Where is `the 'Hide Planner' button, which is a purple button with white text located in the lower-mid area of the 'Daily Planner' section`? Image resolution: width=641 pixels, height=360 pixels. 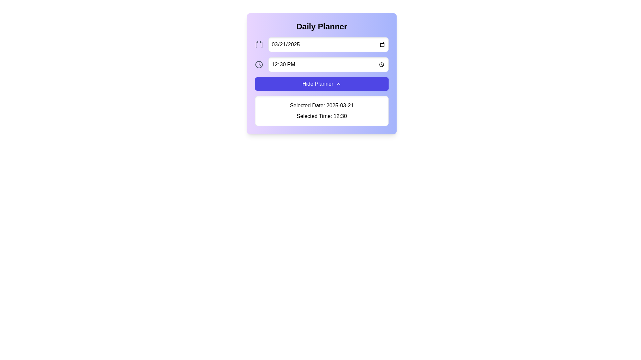 the 'Hide Planner' button, which is a purple button with white text located in the lower-mid area of the 'Daily Planner' section is located at coordinates (322, 81).